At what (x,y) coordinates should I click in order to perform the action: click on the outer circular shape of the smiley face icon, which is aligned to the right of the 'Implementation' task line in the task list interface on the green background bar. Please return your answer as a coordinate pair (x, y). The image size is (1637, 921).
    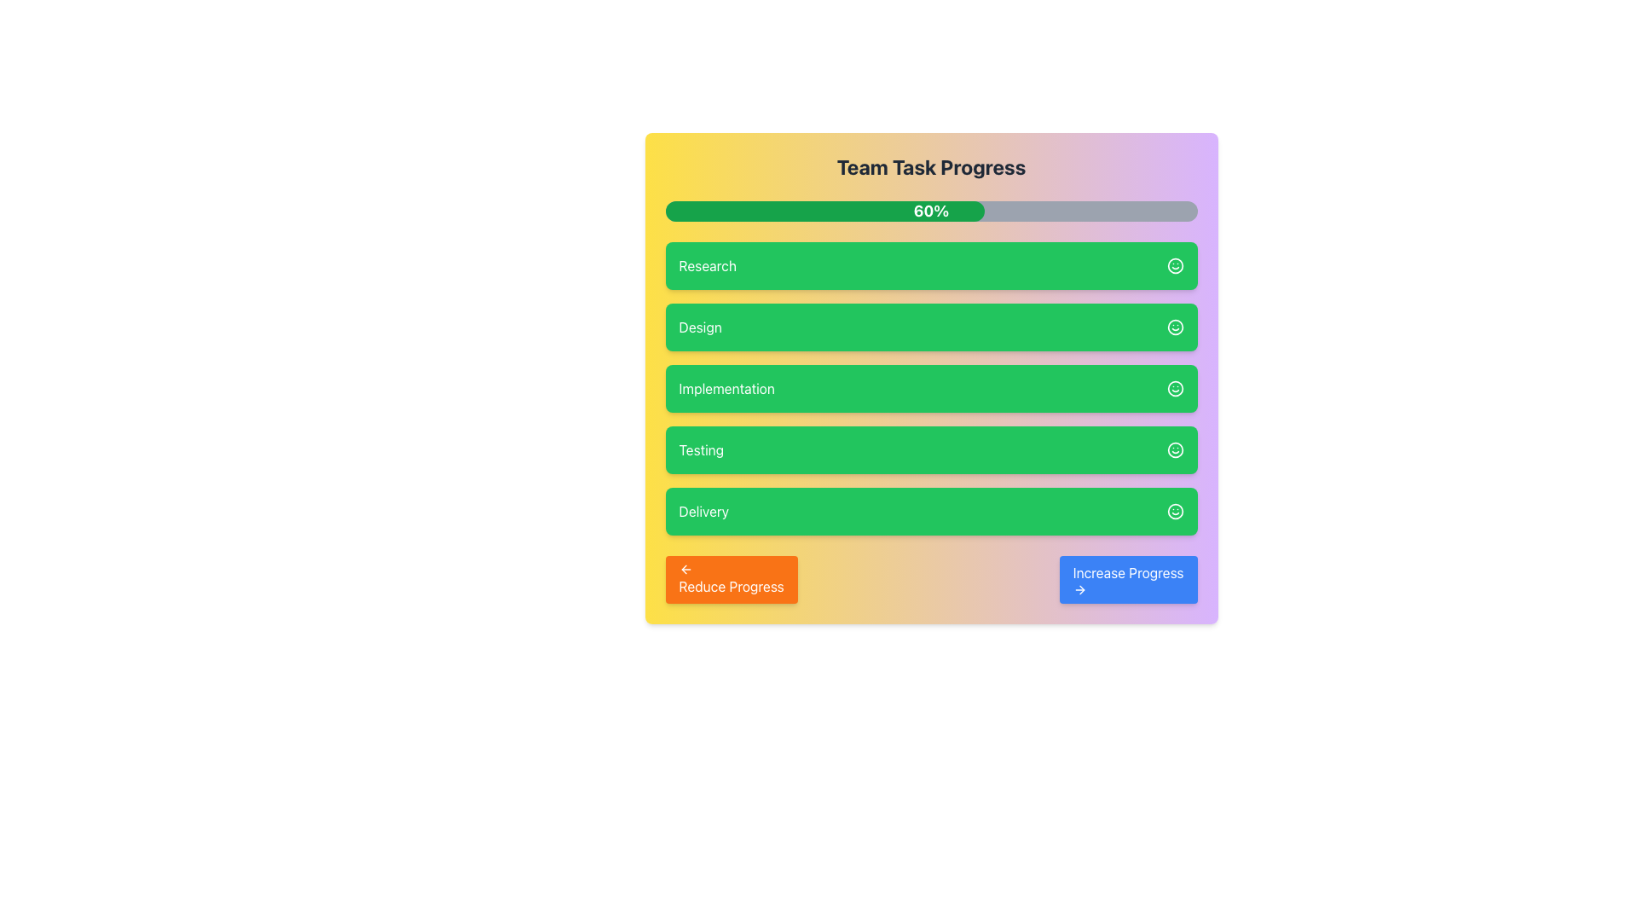
    Looking at the image, I should click on (1174, 388).